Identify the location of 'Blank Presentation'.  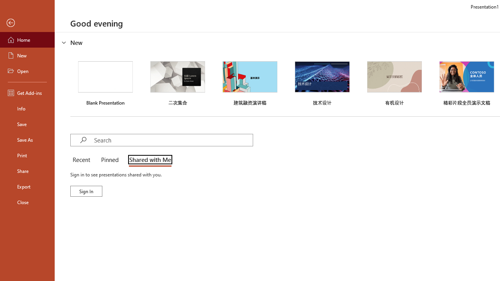
(105, 82).